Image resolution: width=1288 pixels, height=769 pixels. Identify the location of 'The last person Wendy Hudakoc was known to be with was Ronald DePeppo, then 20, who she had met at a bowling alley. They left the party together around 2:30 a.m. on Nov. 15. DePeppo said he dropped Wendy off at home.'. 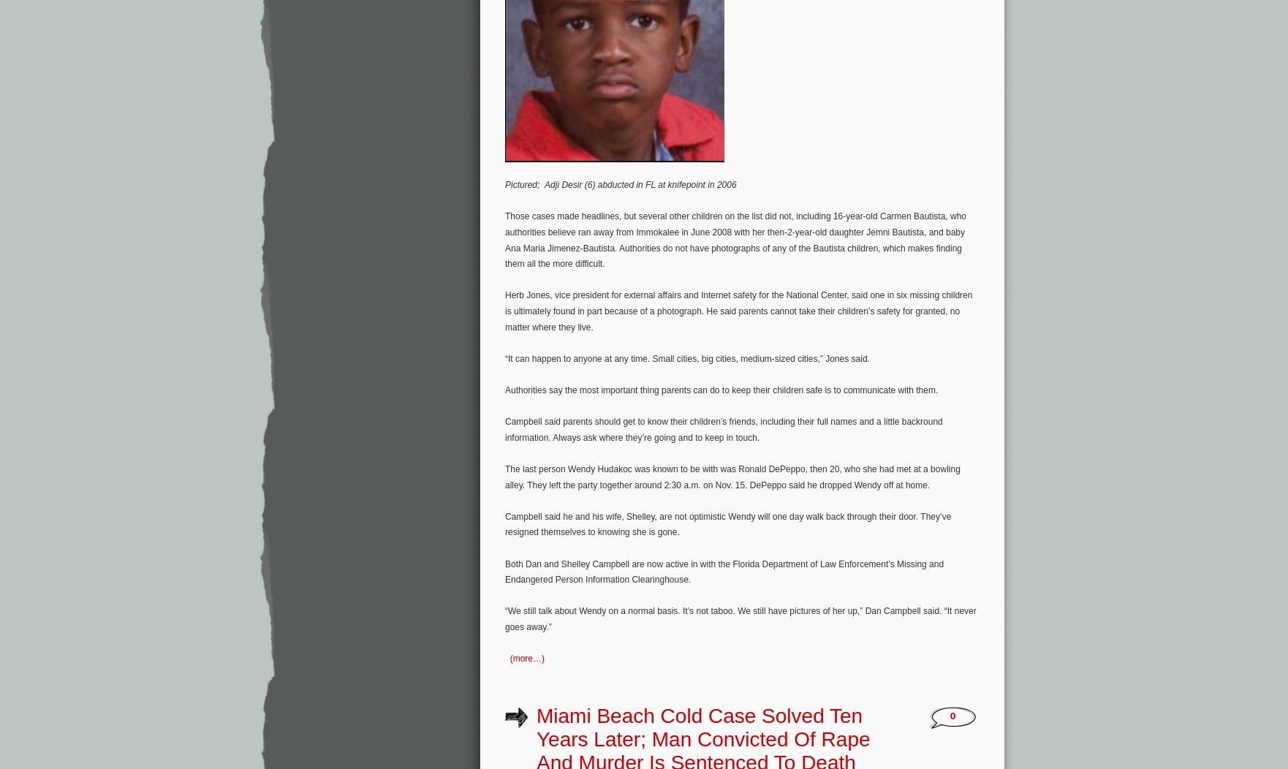
(732, 477).